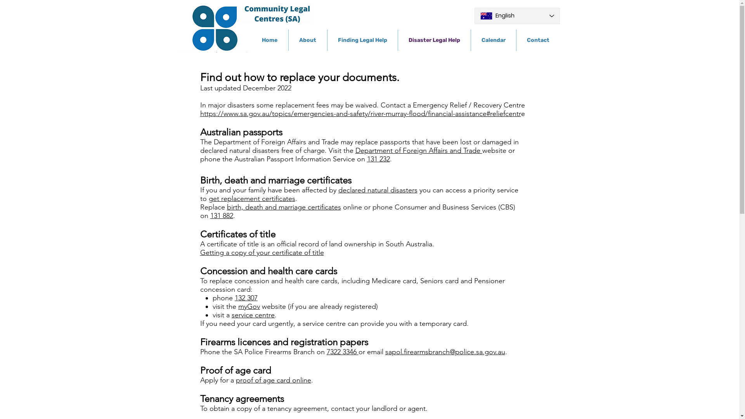  Describe the element at coordinates (221, 215) in the screenshot. I see `'131 882'` at that location.